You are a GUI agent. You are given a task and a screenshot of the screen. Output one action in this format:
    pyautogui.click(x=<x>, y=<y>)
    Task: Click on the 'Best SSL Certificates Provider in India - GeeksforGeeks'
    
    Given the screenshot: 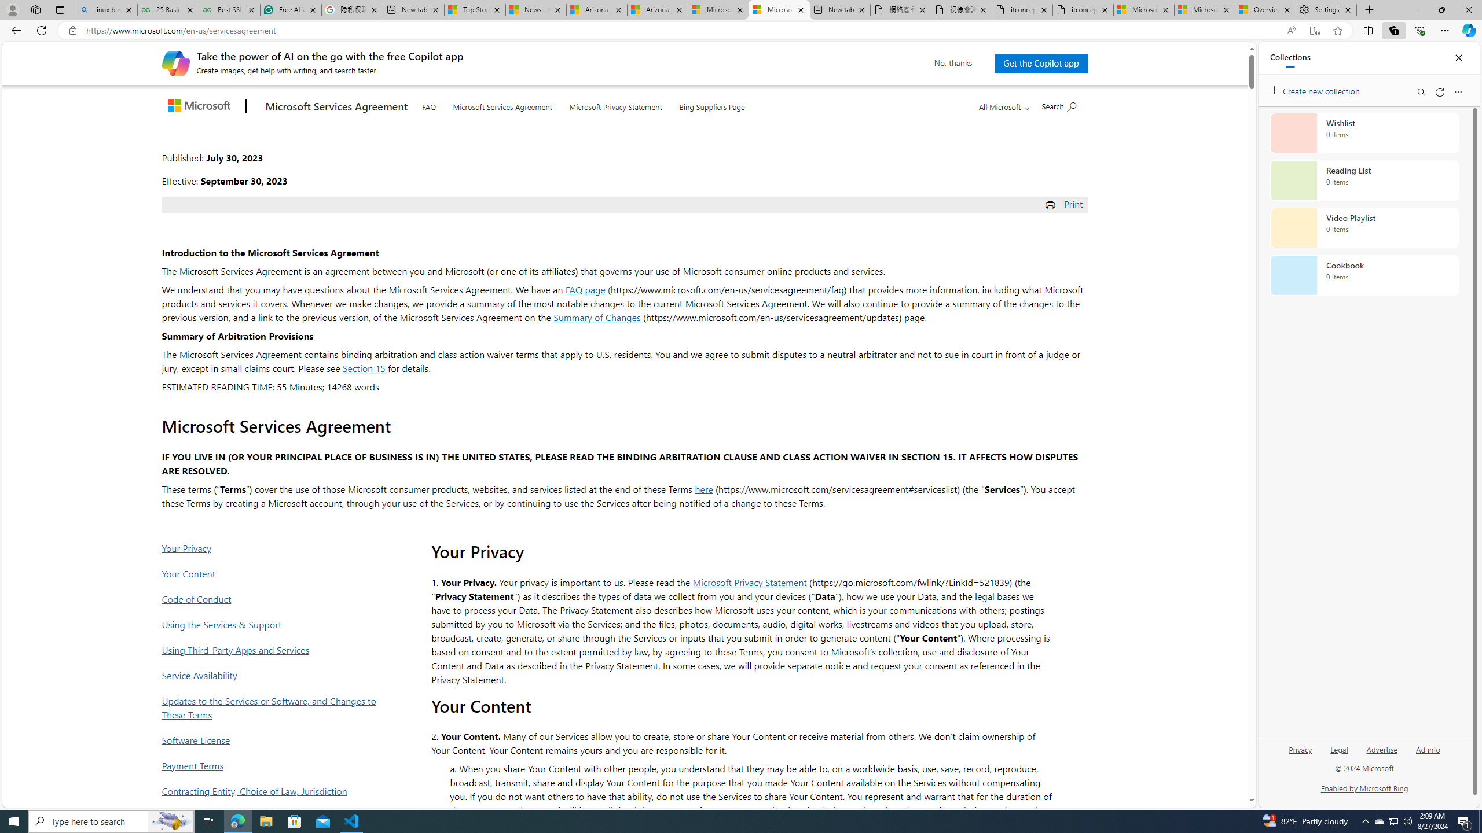 What is the action you would take?
    pyautogui.click(x=229, y=9)
    